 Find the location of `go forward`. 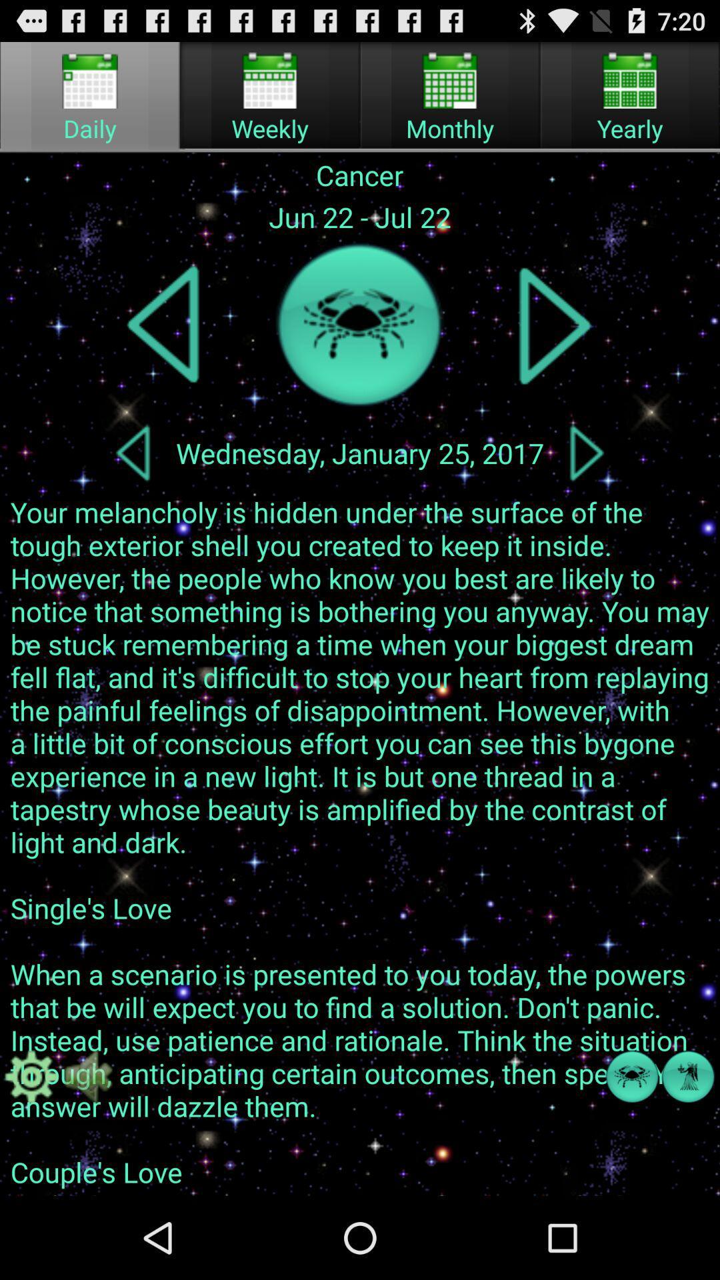

go forward is located at coordinates (555, 325).